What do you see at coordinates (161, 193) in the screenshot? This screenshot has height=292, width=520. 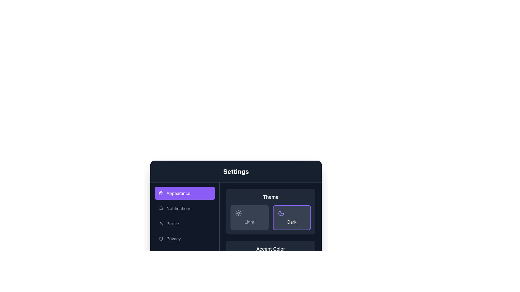 I see `the appearance of the palette icon component located in the left side menu adjacent to the 'Appearance' label` at bounding box center [161, 193].